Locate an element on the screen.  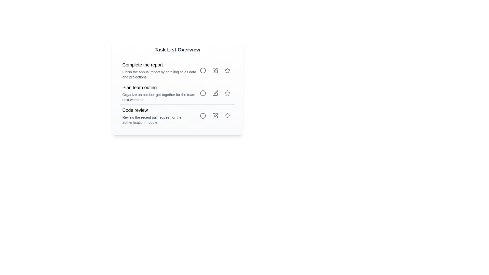
the Task Description Block displaying 'Code review' and 'Review the recent pull request for the authentication module.' is located at coordinates (160, 116).